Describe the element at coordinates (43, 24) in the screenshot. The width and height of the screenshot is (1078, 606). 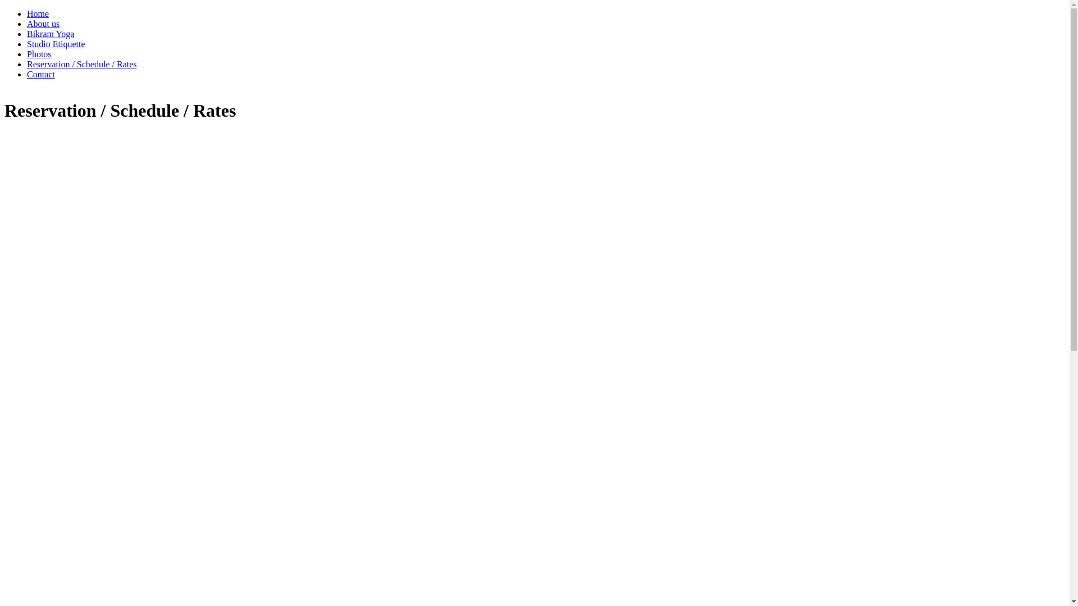
I see `'About us'` at that location.